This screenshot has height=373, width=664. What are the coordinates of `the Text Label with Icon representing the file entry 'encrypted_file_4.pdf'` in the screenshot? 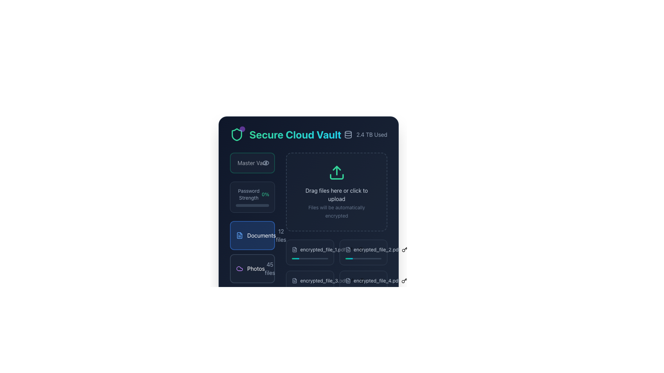 It's located at (372, 281).